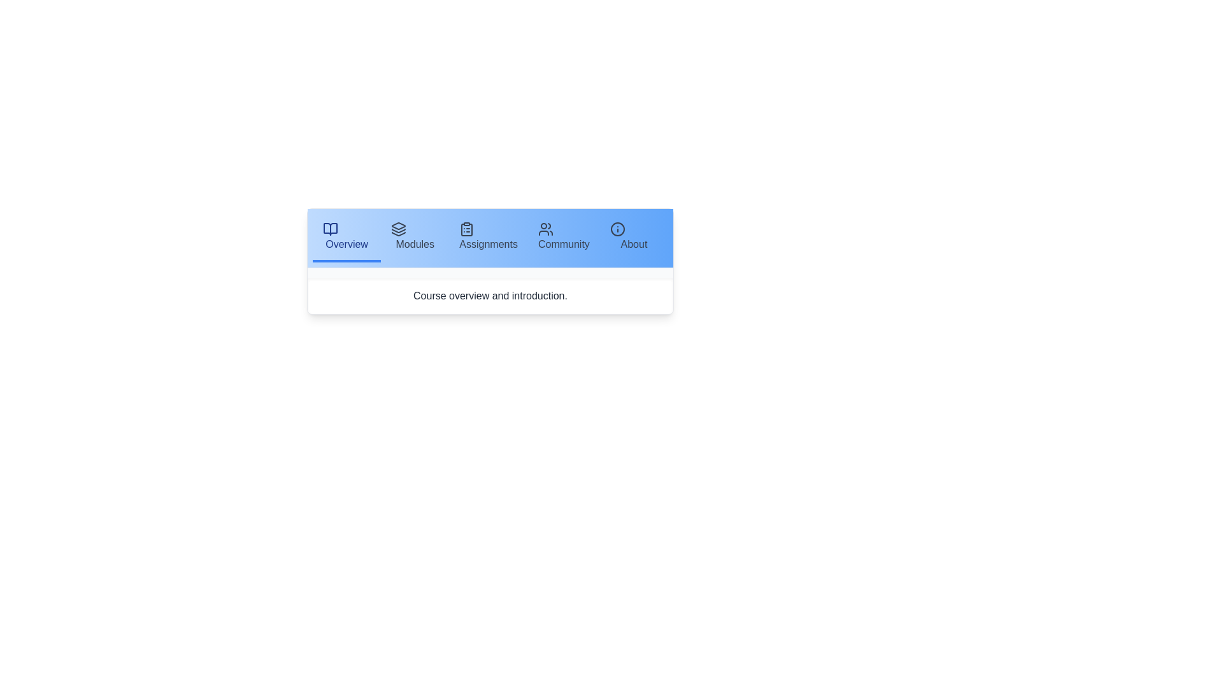 The height and width of the screenshot is (688, 1223). What do you see at coordinates (330, 228) in the screenshot?
I see `the open book icon with a blue outline located at the top-left region of the menu bar, positioned directly above the label 'Overview'` at bounding box center [330, 228].